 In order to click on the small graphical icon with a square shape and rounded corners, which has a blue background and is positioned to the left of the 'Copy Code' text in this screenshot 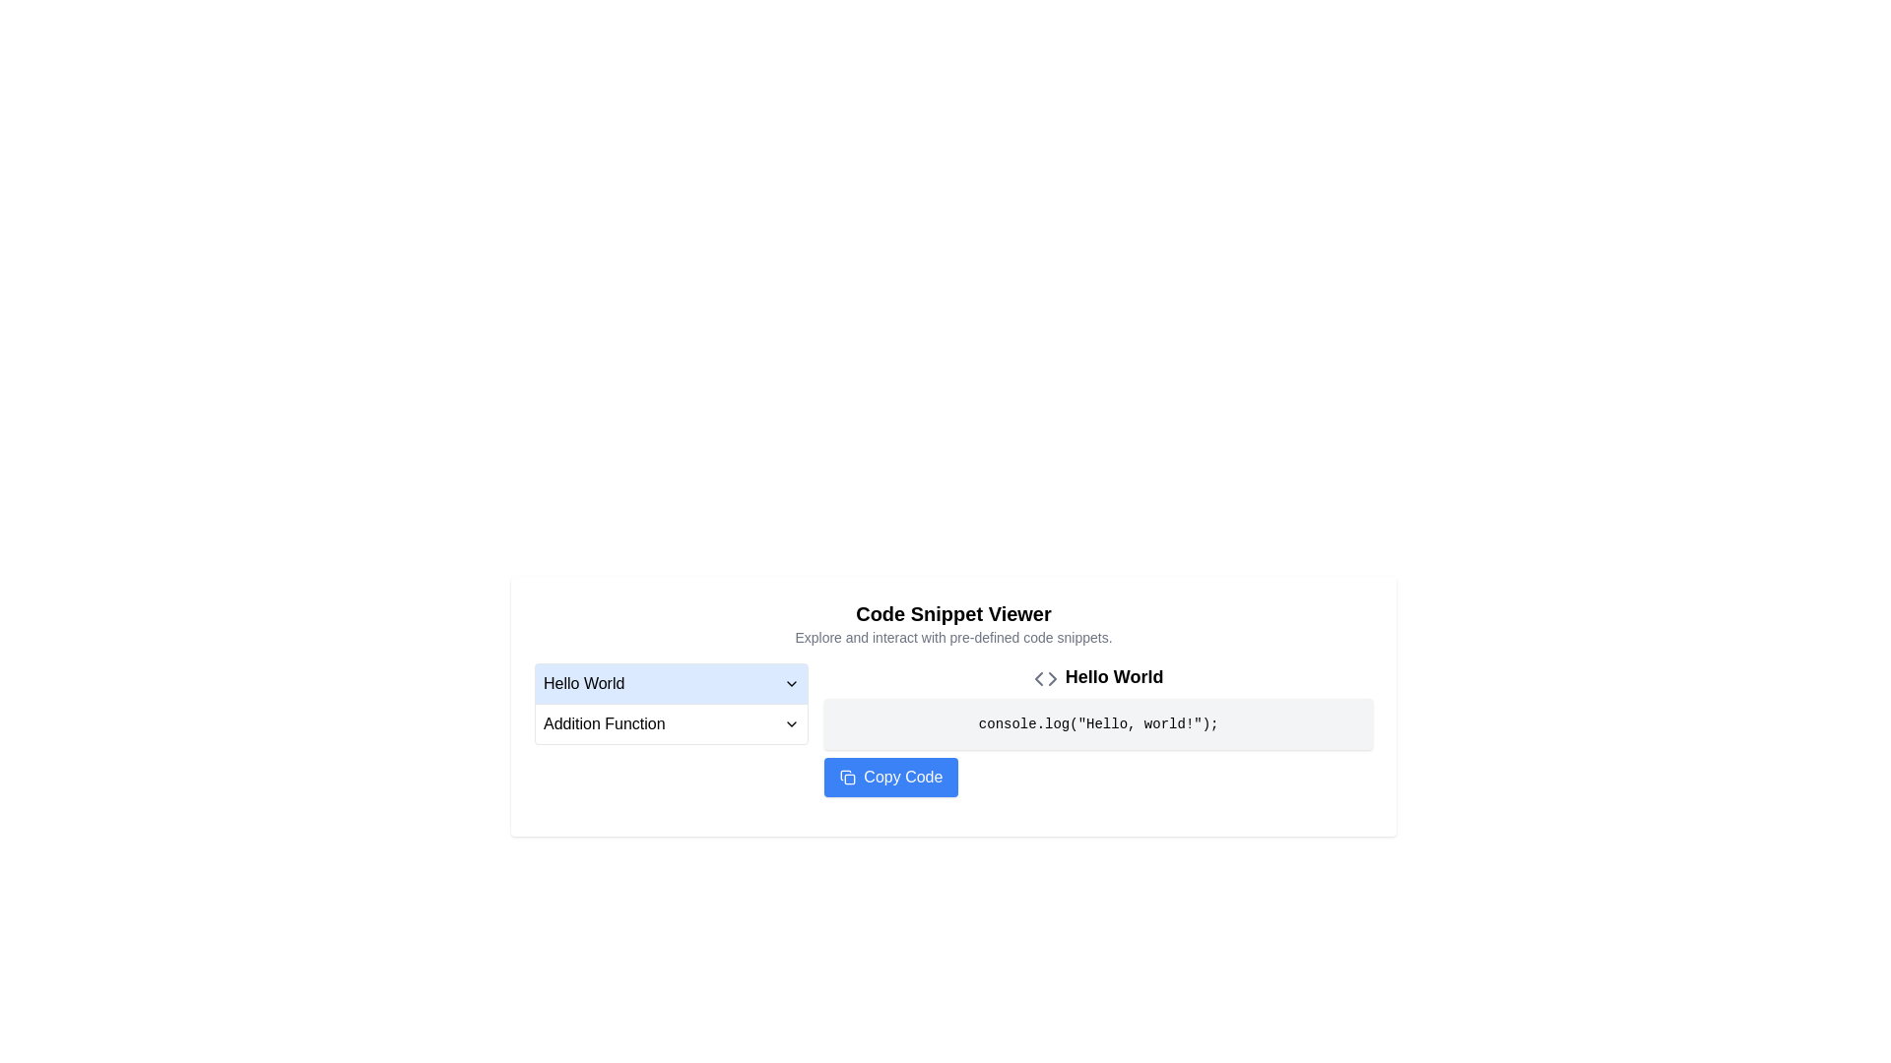, I will do `click(848, 777)`.